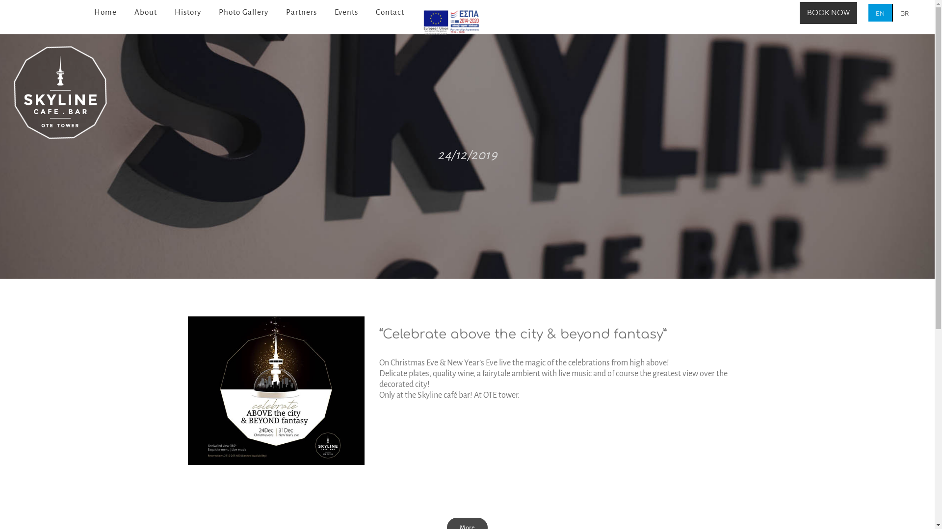  What do you see at coordinates (125, 12) in the screenshot?
I see `'About'` at bounding box center [125, 12].